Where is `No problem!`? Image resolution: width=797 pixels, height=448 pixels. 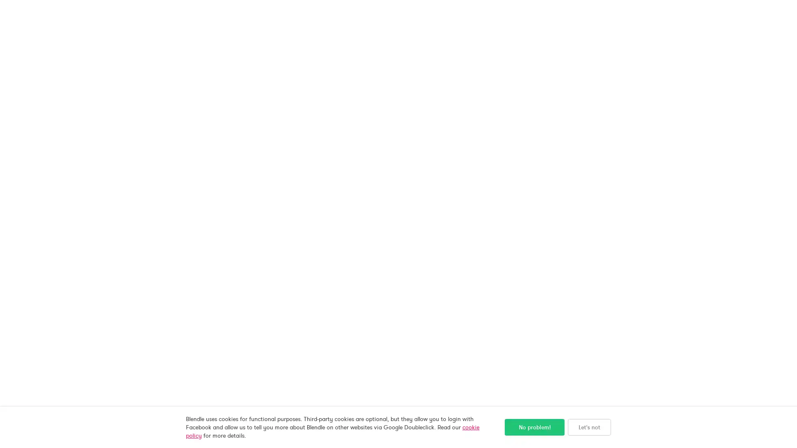 No problem! is located at coordinates (534, 427).